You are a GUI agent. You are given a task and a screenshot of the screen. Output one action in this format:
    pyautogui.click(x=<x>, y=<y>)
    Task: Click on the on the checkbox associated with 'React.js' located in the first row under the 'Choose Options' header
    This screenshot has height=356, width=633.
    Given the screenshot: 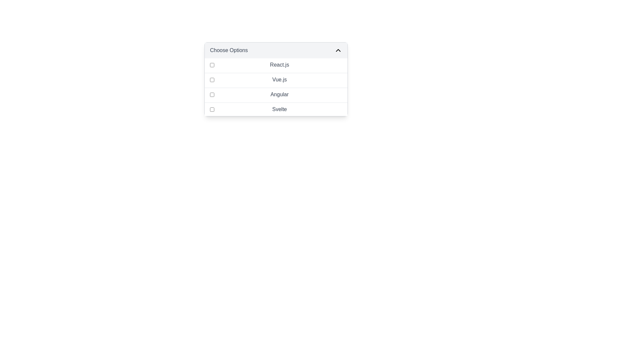 What is the action you would take?
    pyautogui.click(x=212, y=65)
    